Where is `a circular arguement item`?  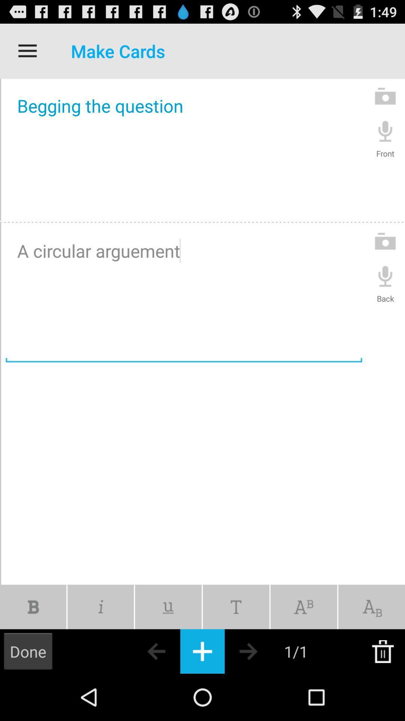 a circular arguement item is located at coordinates (184, 294).